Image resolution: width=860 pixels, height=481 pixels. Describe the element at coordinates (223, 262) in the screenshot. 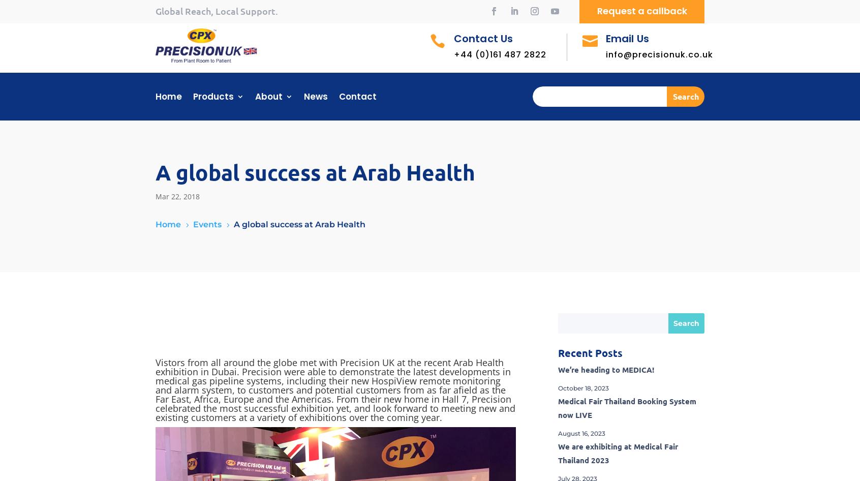

I see `'Generators'` at that location.